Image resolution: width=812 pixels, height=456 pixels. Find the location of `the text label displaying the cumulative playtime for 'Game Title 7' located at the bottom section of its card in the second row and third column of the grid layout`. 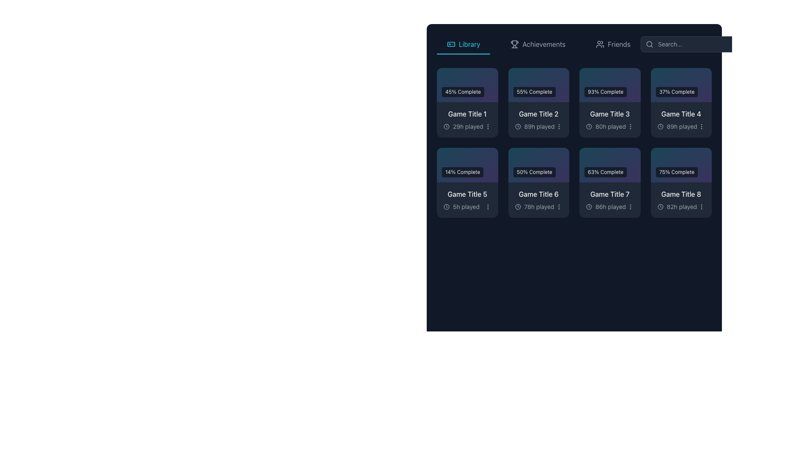

the text label displaying the cumulative playtime for 'Game Title 7' located at the bottom section of its card in the second row and third column of the grid layout is located at coordinates (606, 206).